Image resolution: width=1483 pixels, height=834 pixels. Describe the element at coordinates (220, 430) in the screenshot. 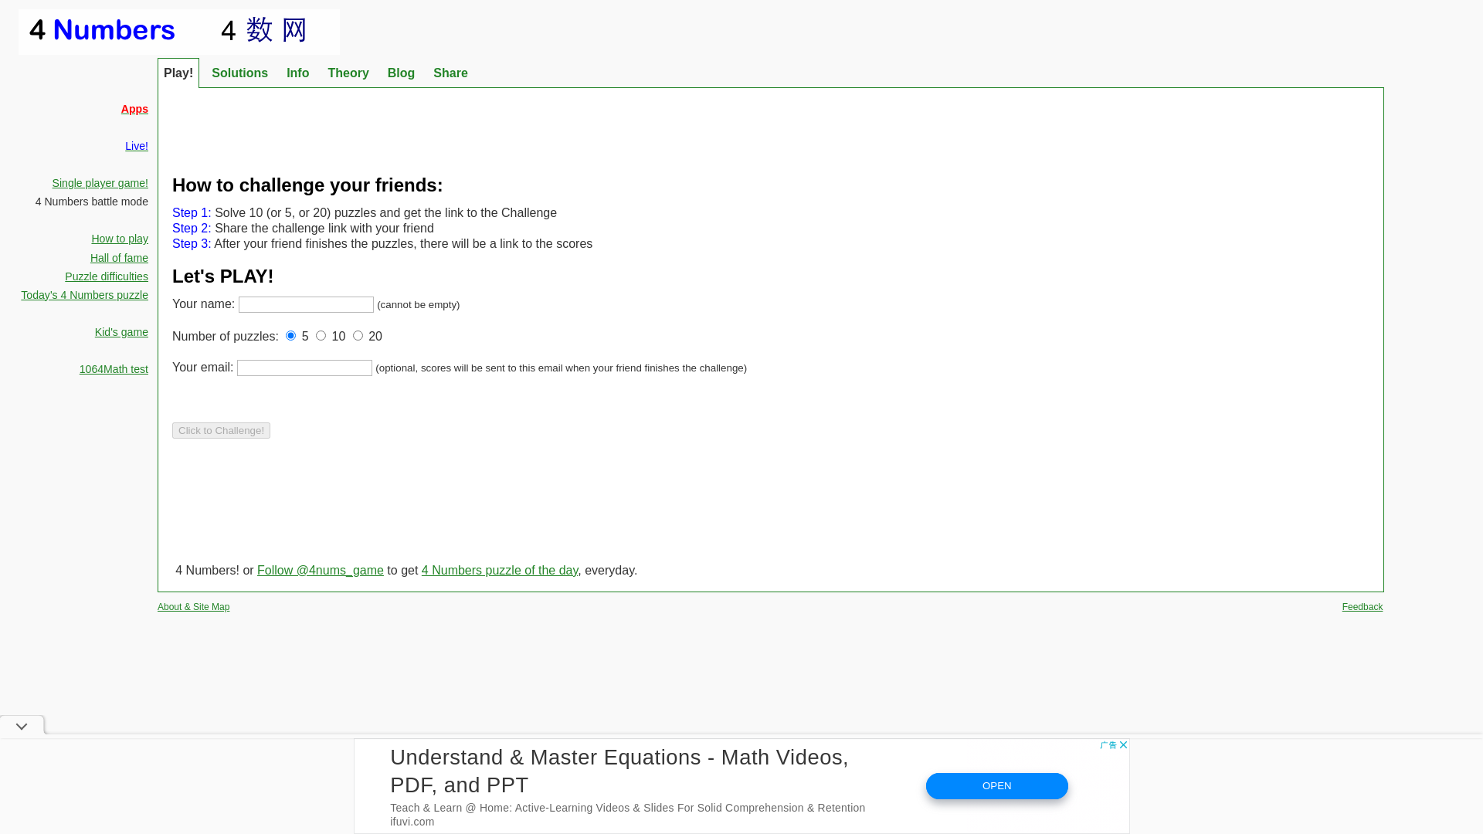

I see `'Click to Challenge!'` at that location.